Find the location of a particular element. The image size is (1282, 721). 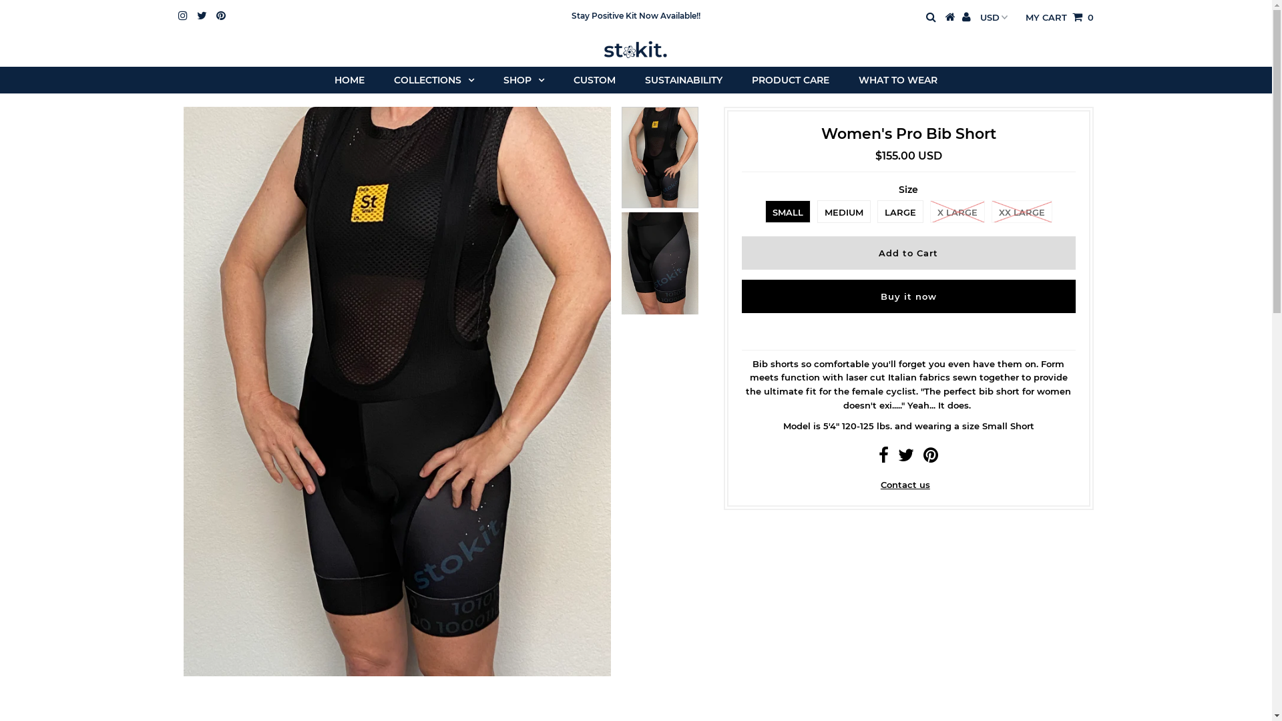

'Share on Pinterest' is located at coordinates (929, 457).